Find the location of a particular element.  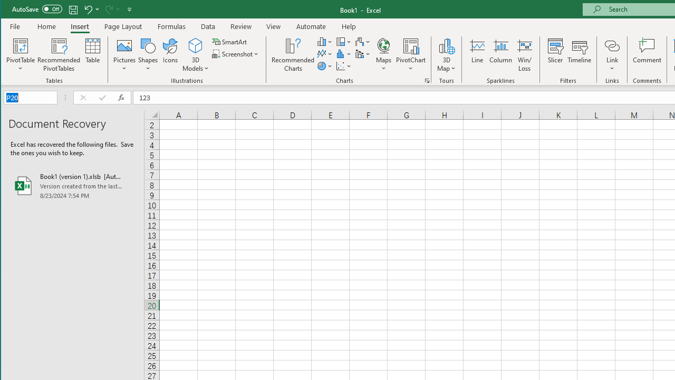

'Insert Hierarchy Chart' is located at coordinates (344, 41).